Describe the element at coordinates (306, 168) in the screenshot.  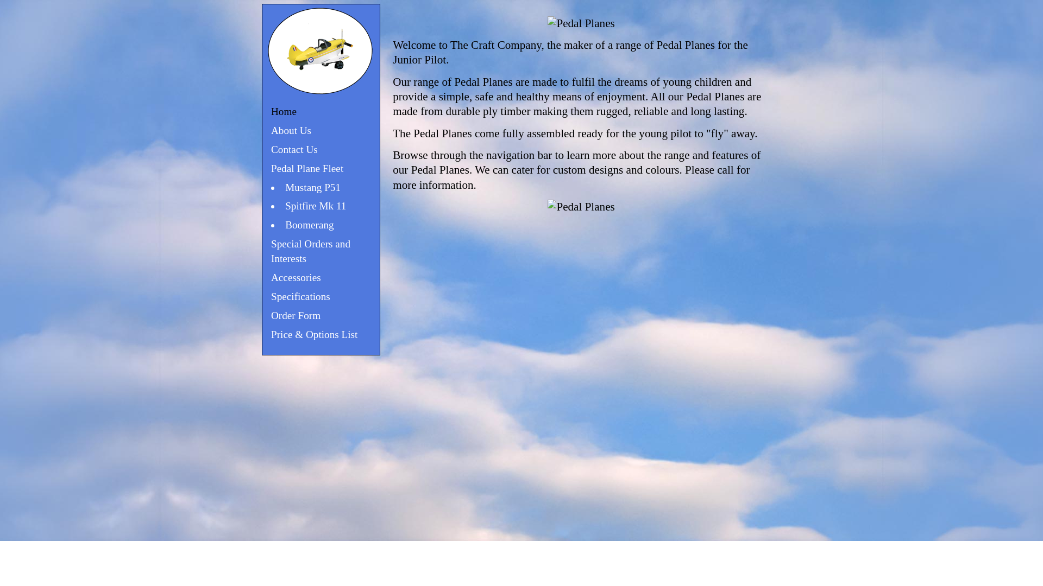
I see `'Pedal Plane Fleet'` at that location.